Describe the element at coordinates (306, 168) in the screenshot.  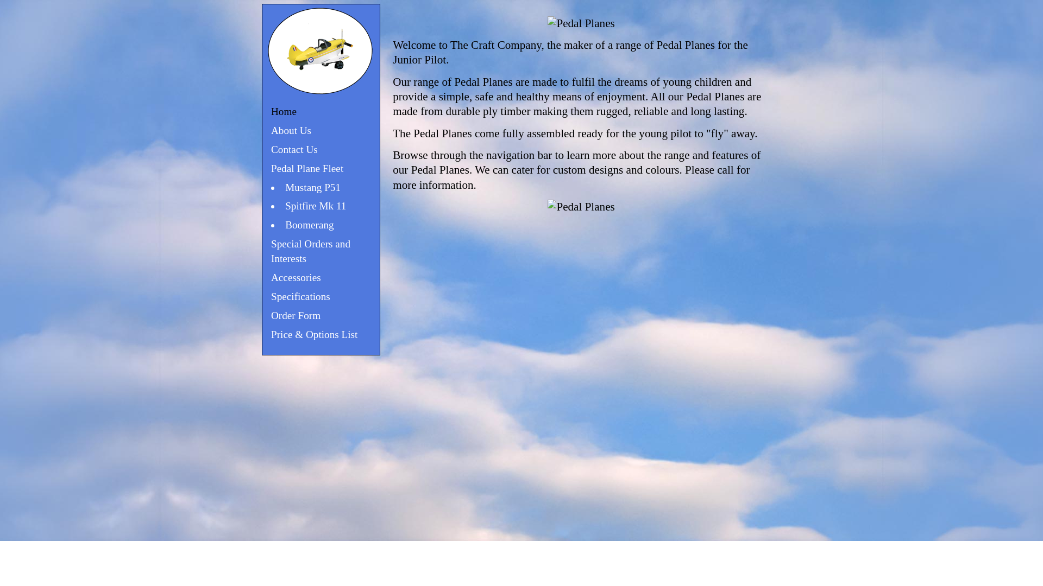
I see `'Pedal Plane Fleet'` at that location.